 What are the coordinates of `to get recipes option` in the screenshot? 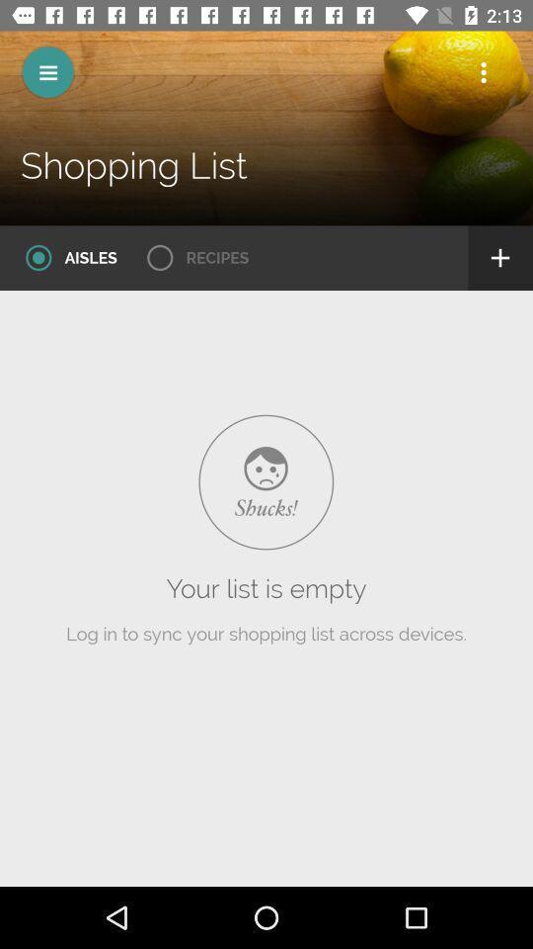 It's located at (191, 257).